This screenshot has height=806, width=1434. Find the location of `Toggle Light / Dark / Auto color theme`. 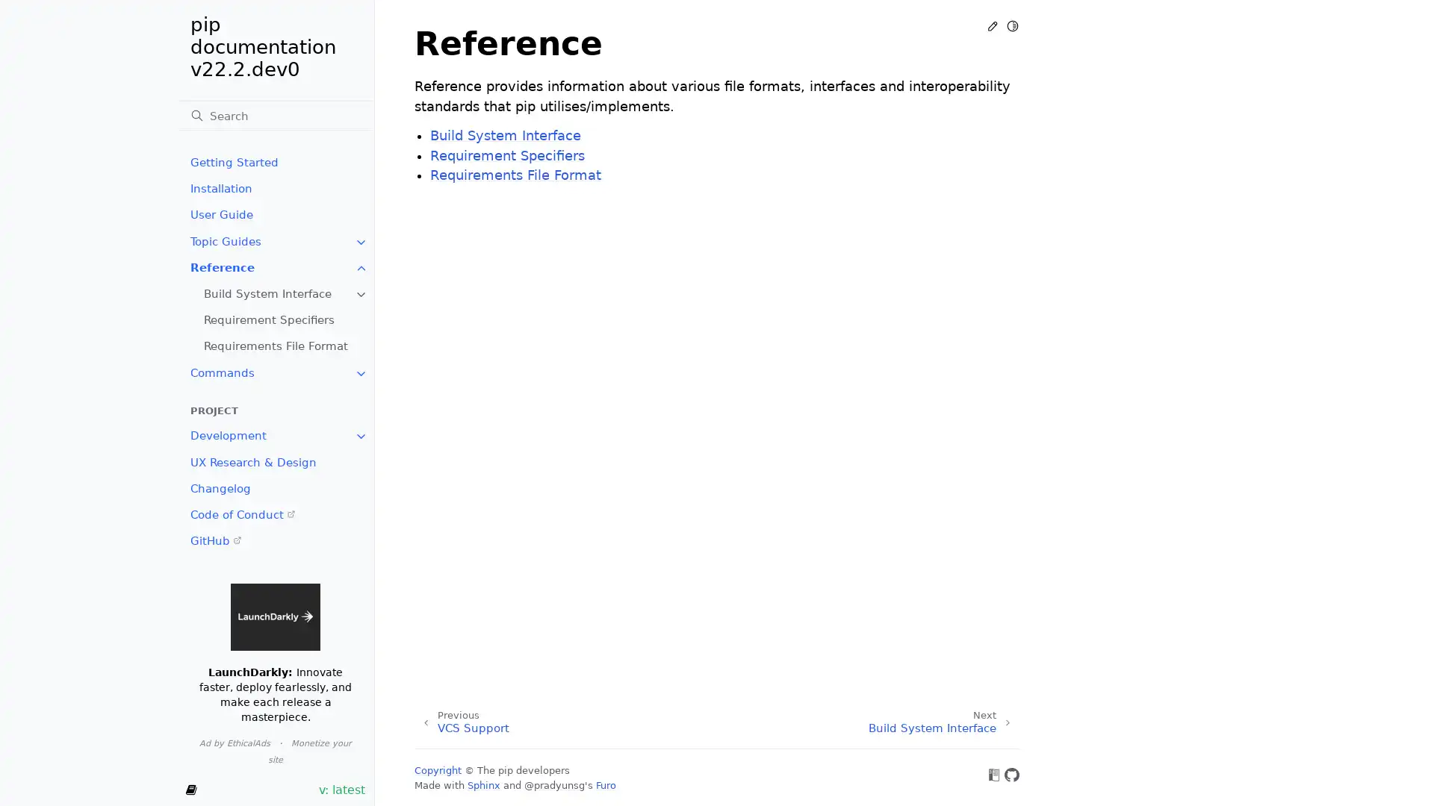

Toggle Light / Dark / Auto color theme is located at coordinates (1012, 25).